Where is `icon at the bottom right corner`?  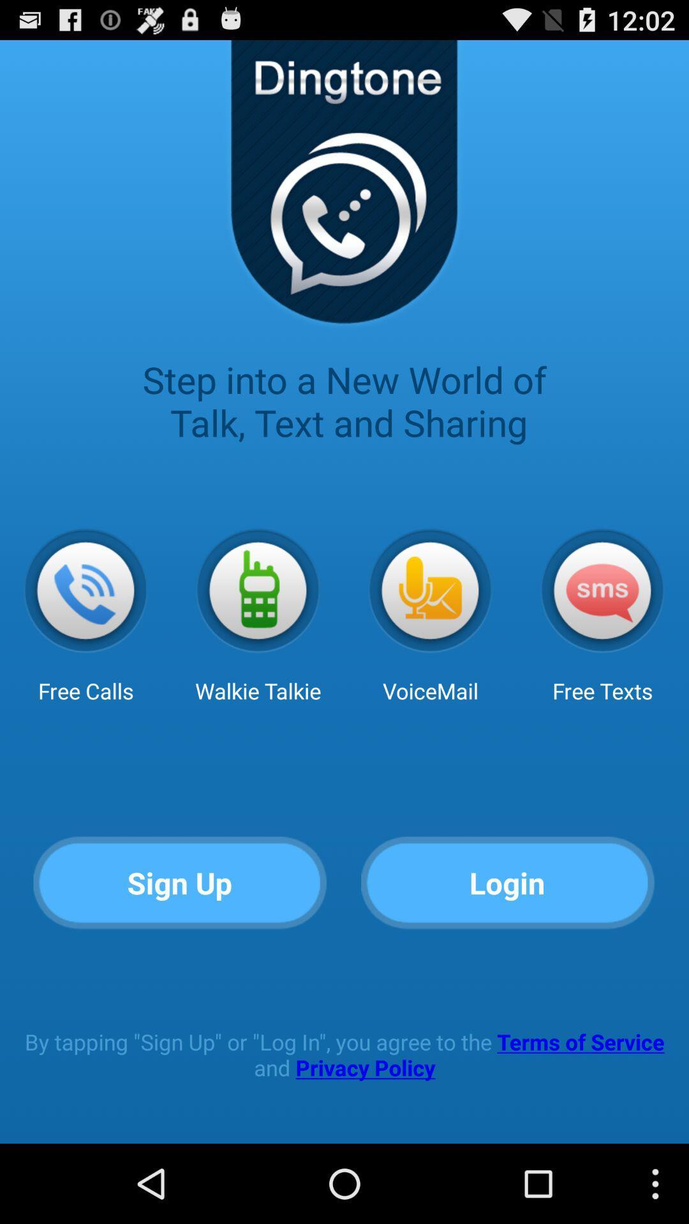 icon at the bottom right corner is located at coordinates (507, 883).